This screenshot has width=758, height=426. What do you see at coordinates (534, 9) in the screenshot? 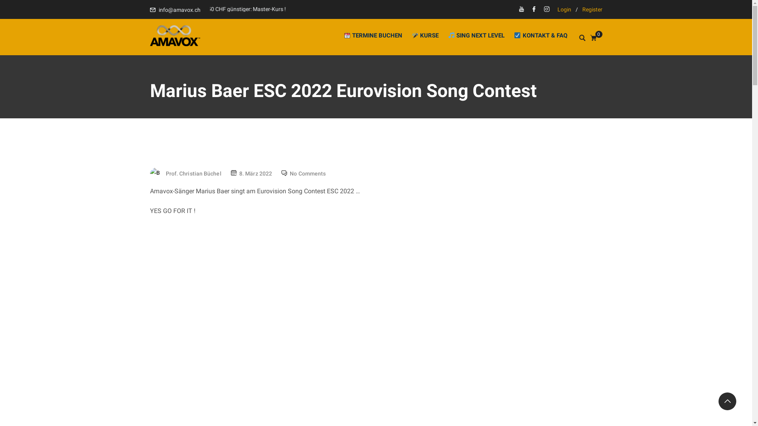
I see `'Facebook'` at bounding box center [534, 9].